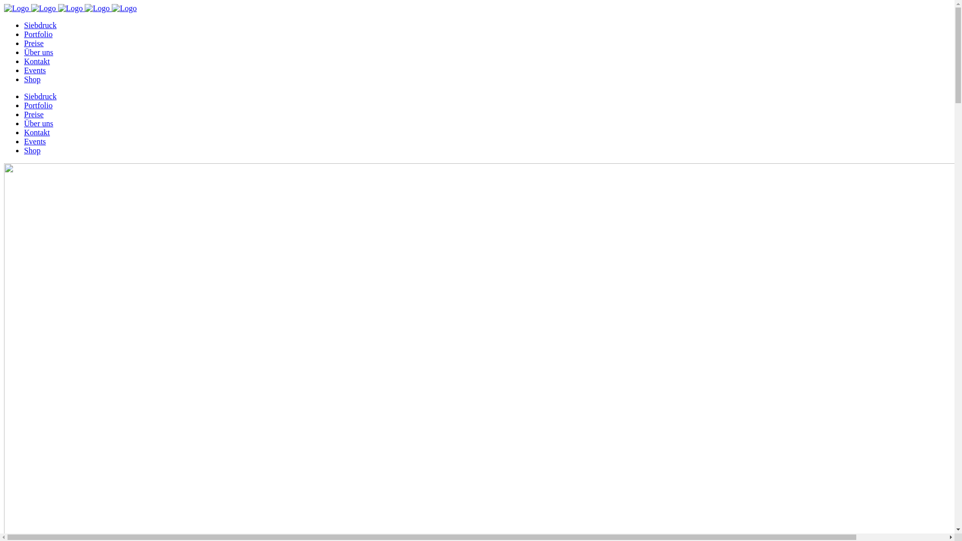 The width and height of the screenshot is (962, 541). Describe the element at coordinates (40, 25) in the screenshot. I see `'Siebdruck'` at that location.